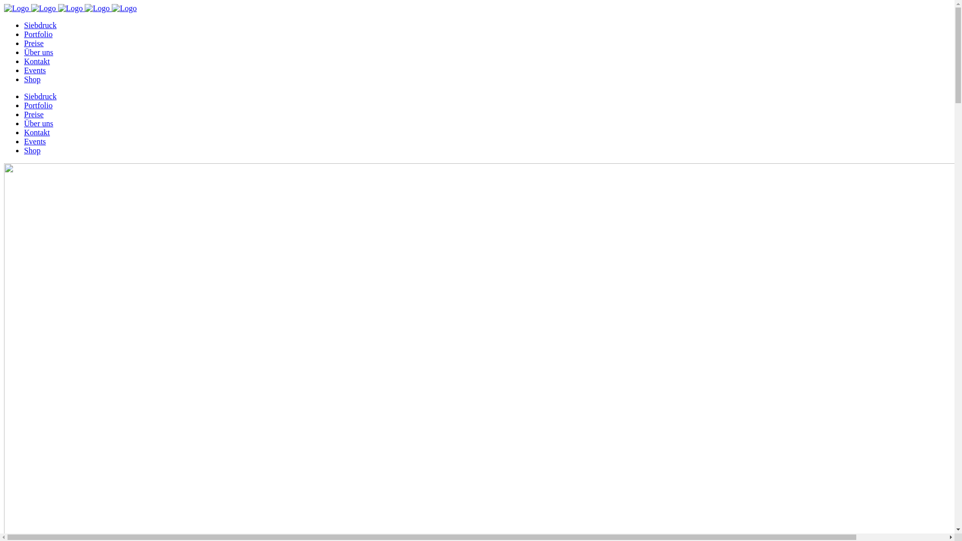 The width and height of the screenshot is (962, 541). Describe the element at coordinates (40, 25) in the screenshot. I see `'Siebdruck'` at that location.